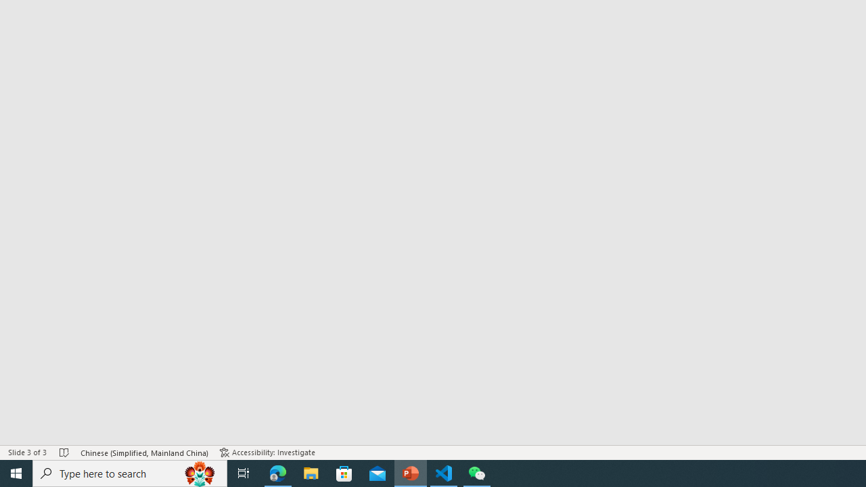  What do you see at coordinates (477, 472) in the screenshot?
I see `'WeChat - 1 running window'` at bounding box center [477, 472].